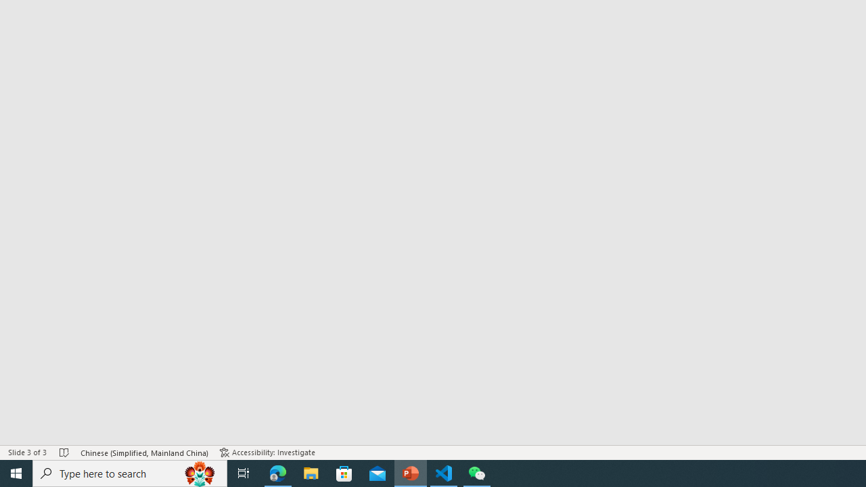  What do you see at coordinates (477, 472) in the screenshot?
I see `'WeChat - 1 running window'` at bounding box center [477, 472].